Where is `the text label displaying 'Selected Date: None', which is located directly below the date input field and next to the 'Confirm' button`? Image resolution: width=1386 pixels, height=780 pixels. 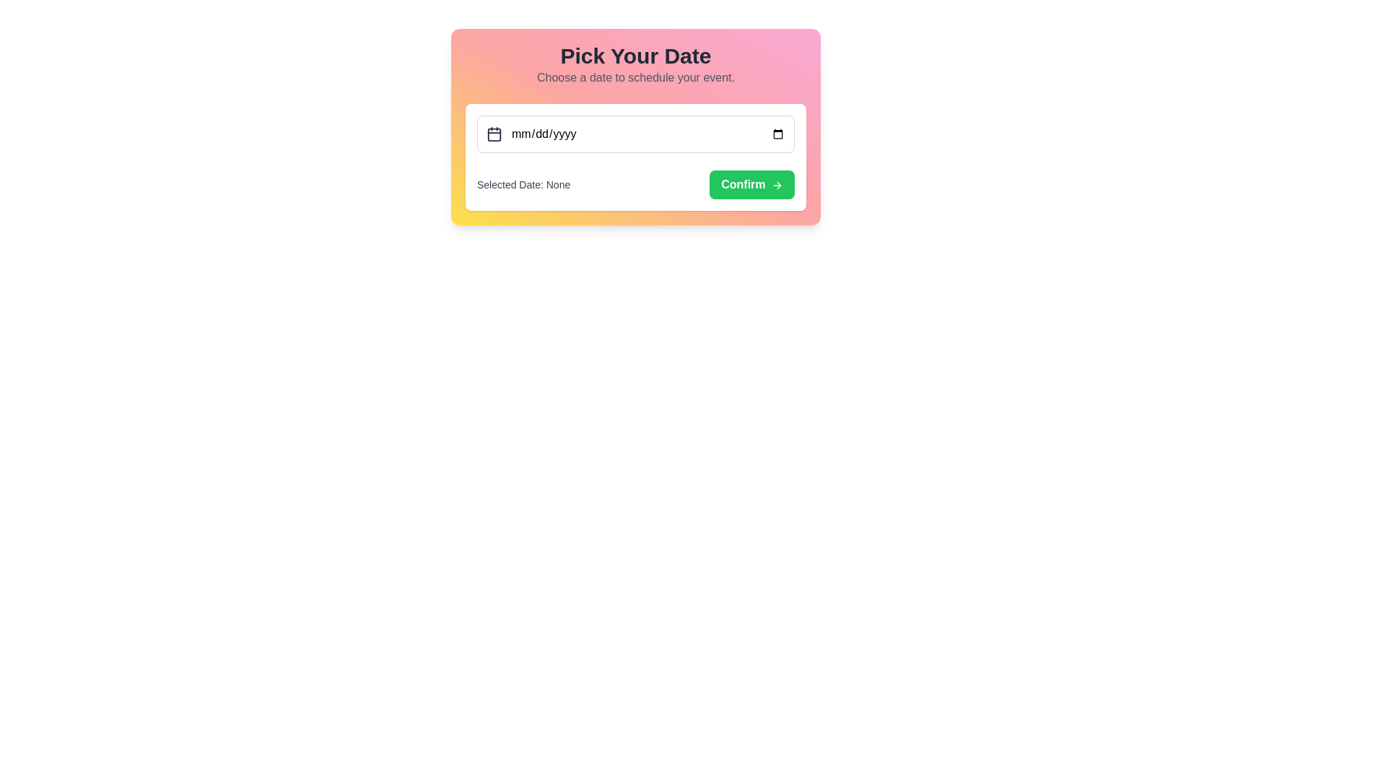 the text label displaying 'Selected Date: None', which is located directly below the date input field and next to the 'Confirm' button is located at coordinates (523, 183).